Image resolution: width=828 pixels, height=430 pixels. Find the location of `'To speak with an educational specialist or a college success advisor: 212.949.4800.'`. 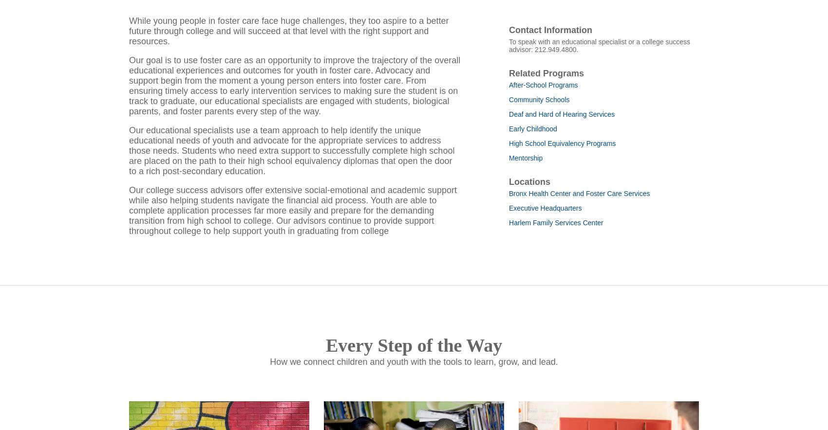

'To speak with an educational specialist or a college success advisor: 212.949.4800.' is located at coordinates (508, 57).